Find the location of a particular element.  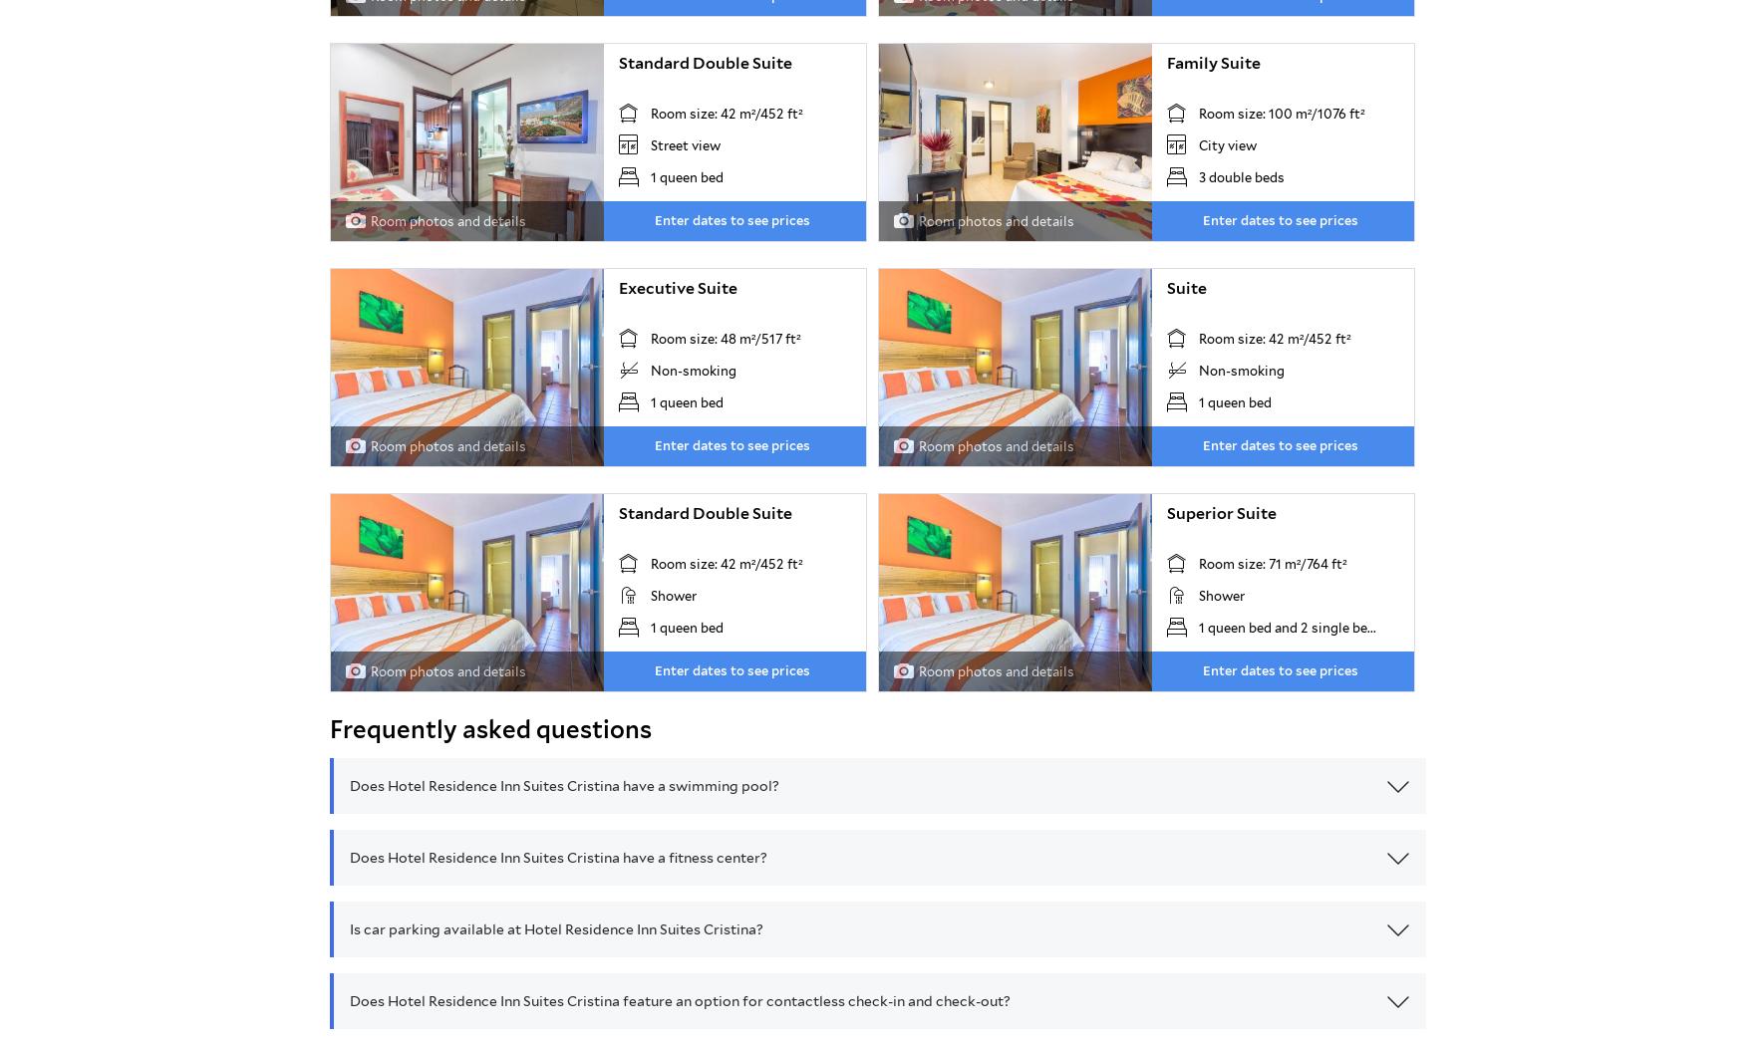

'Executive Suite' is located at coordinates (677, 287).